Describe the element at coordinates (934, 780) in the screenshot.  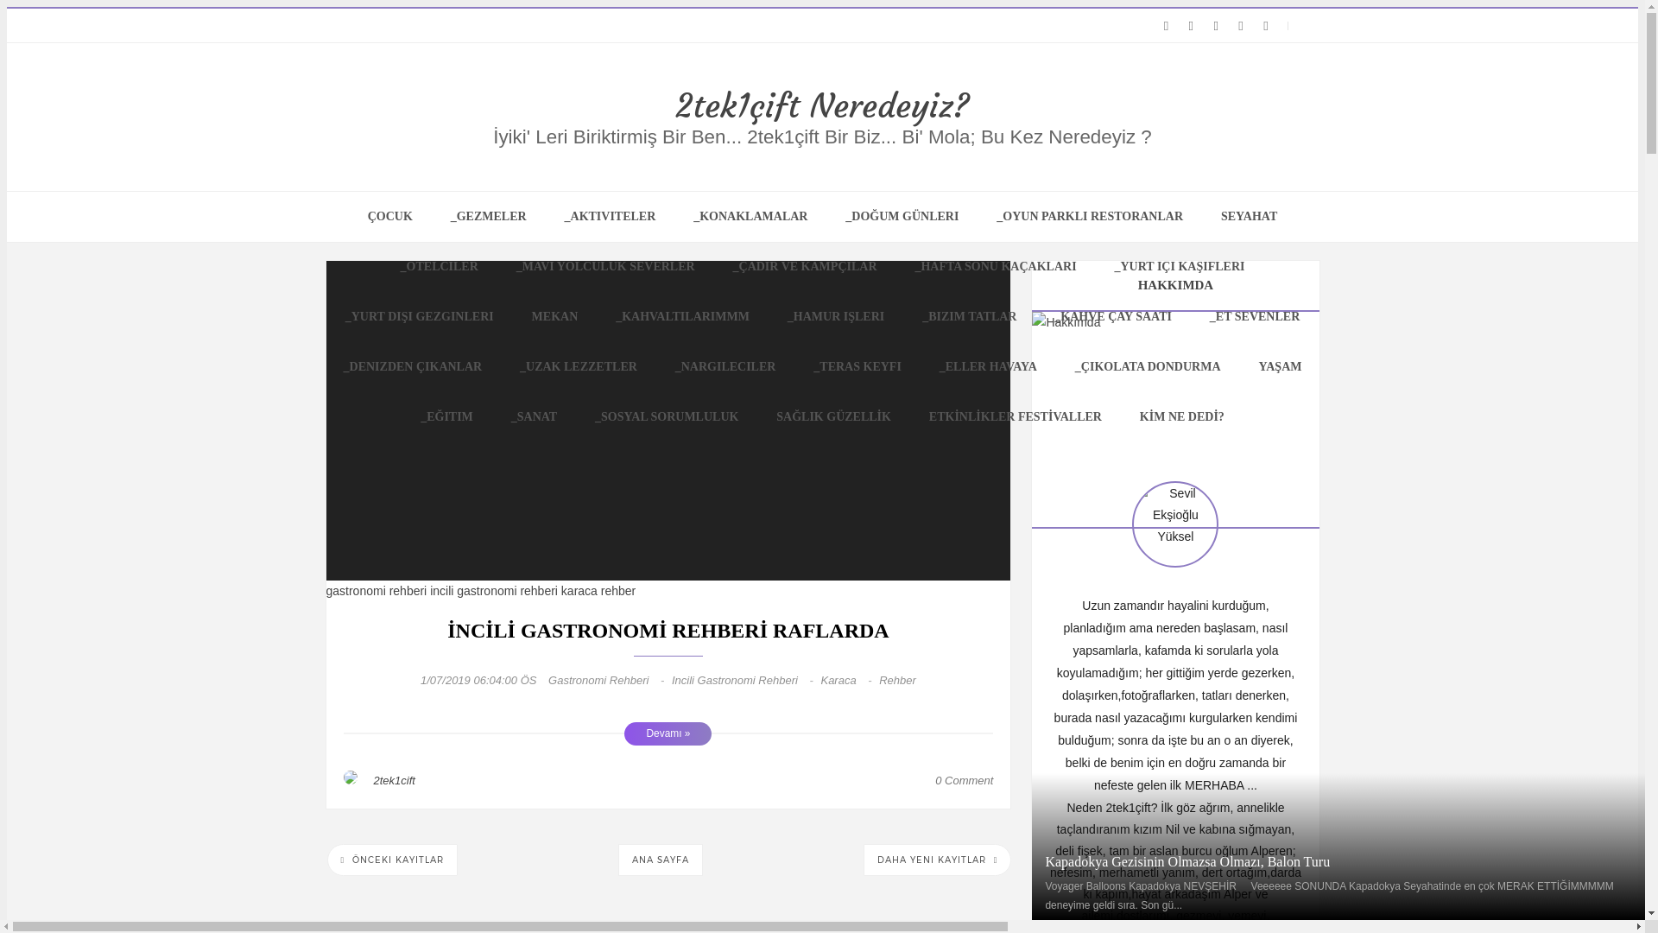
I see `'0 Comment'` at that location.